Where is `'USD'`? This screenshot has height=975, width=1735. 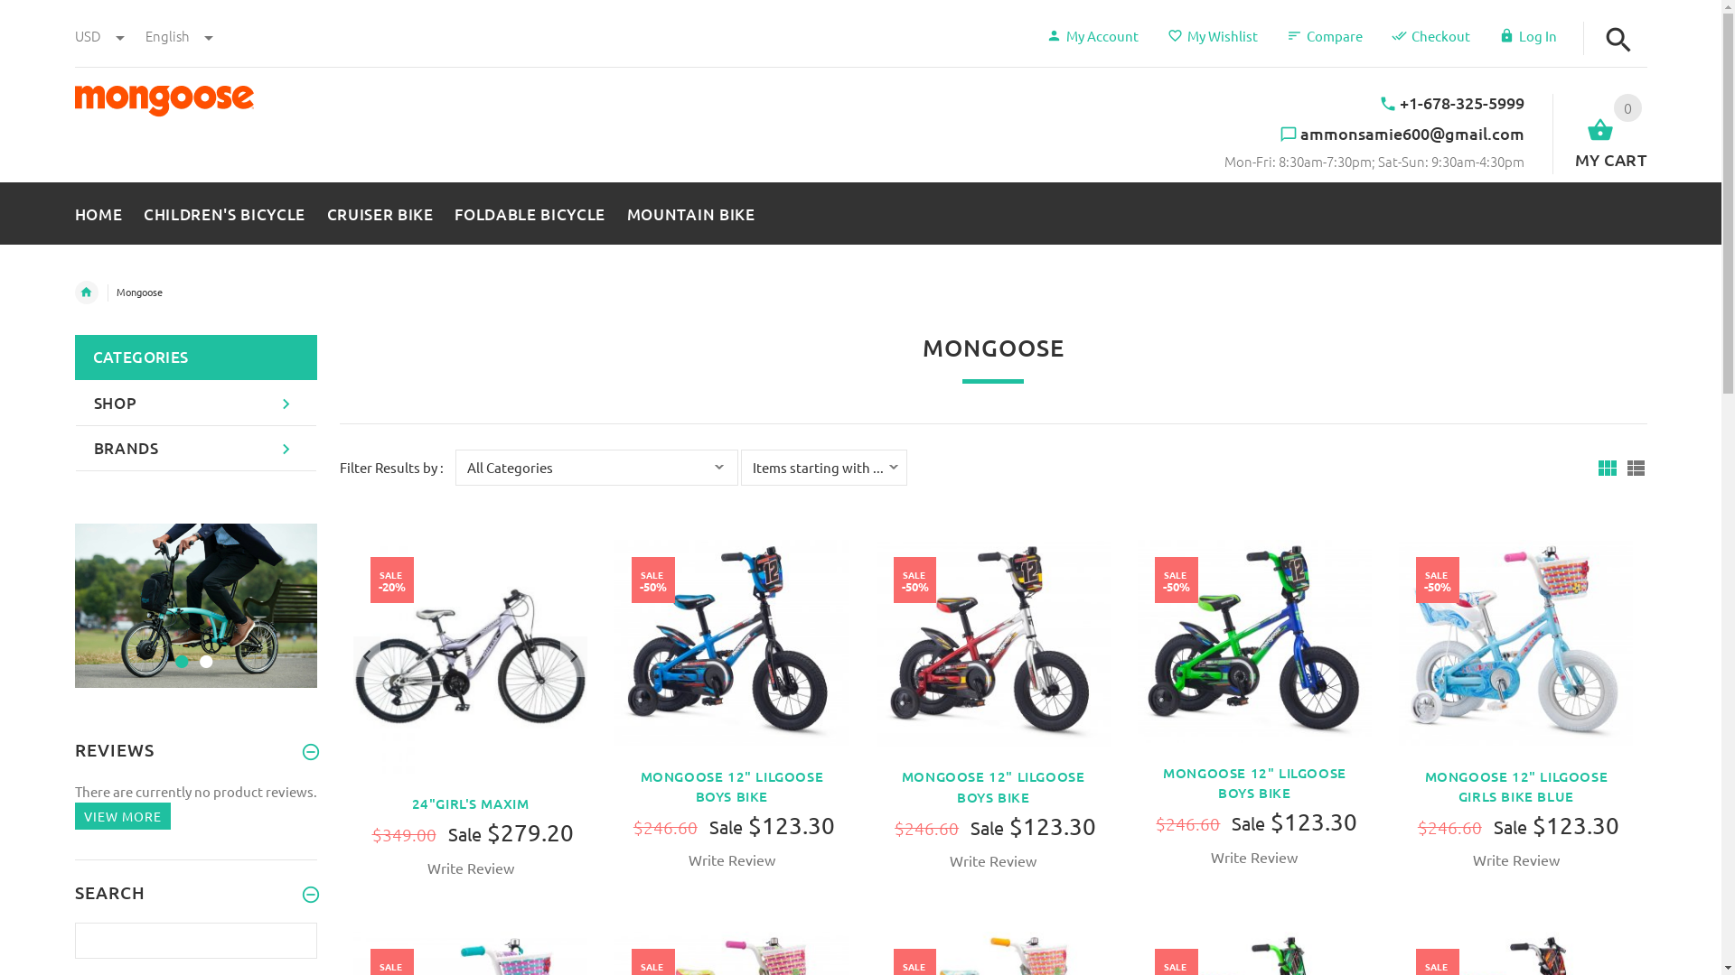
'USD' is located at coordinates (98, 35).